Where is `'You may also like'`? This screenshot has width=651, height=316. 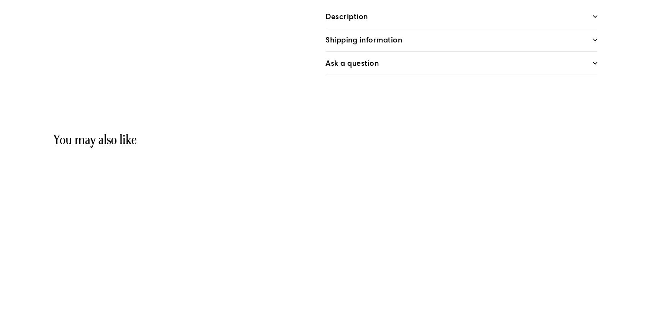
'You may also like' is located at coordinates (53, 139).